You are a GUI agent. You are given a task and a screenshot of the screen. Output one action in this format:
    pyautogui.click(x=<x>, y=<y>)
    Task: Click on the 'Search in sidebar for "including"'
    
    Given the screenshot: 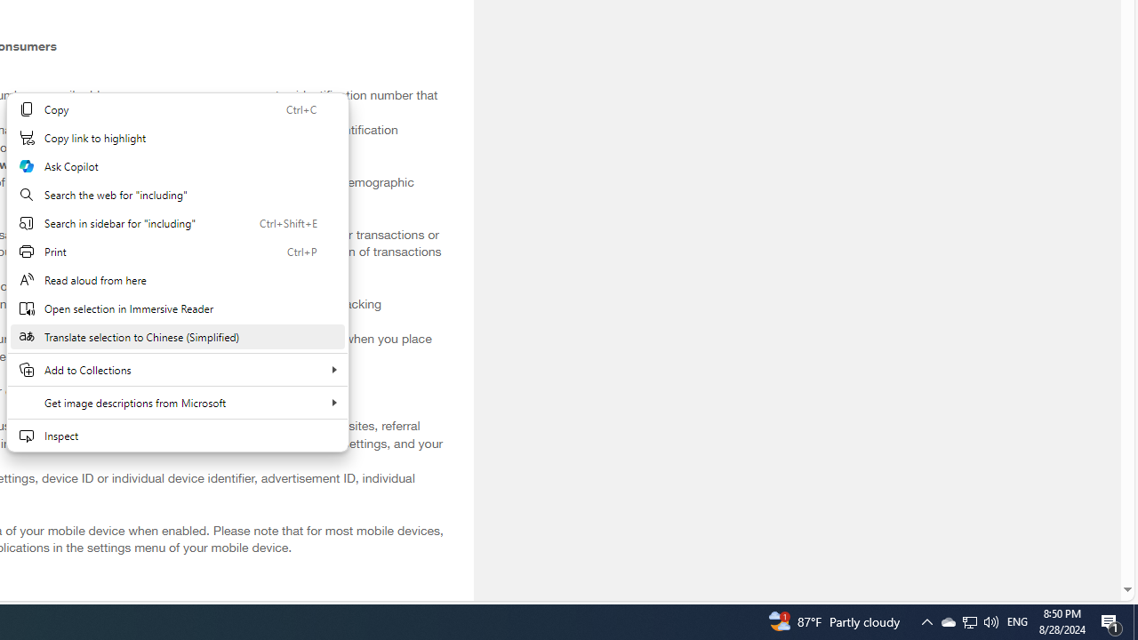 What is the action you would take?
    pyautogui.click(x=177, y=221)
    